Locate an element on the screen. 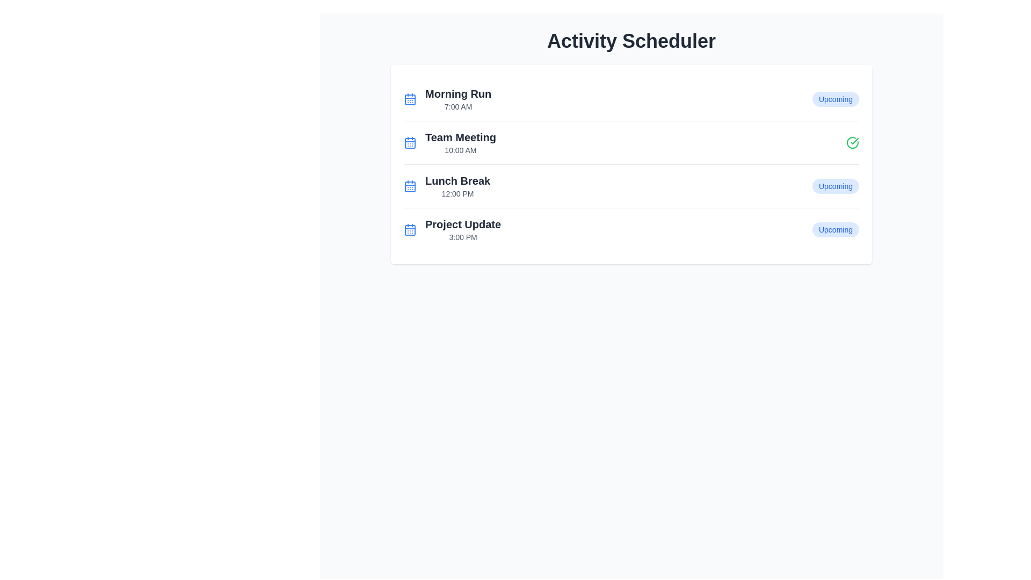 The height and width of the screenshot is (580, 1031). information displayed in the text display element which shows 'Lunch Break' and '12:00 PM' in a schedule list is located at coordinates (458, 186).